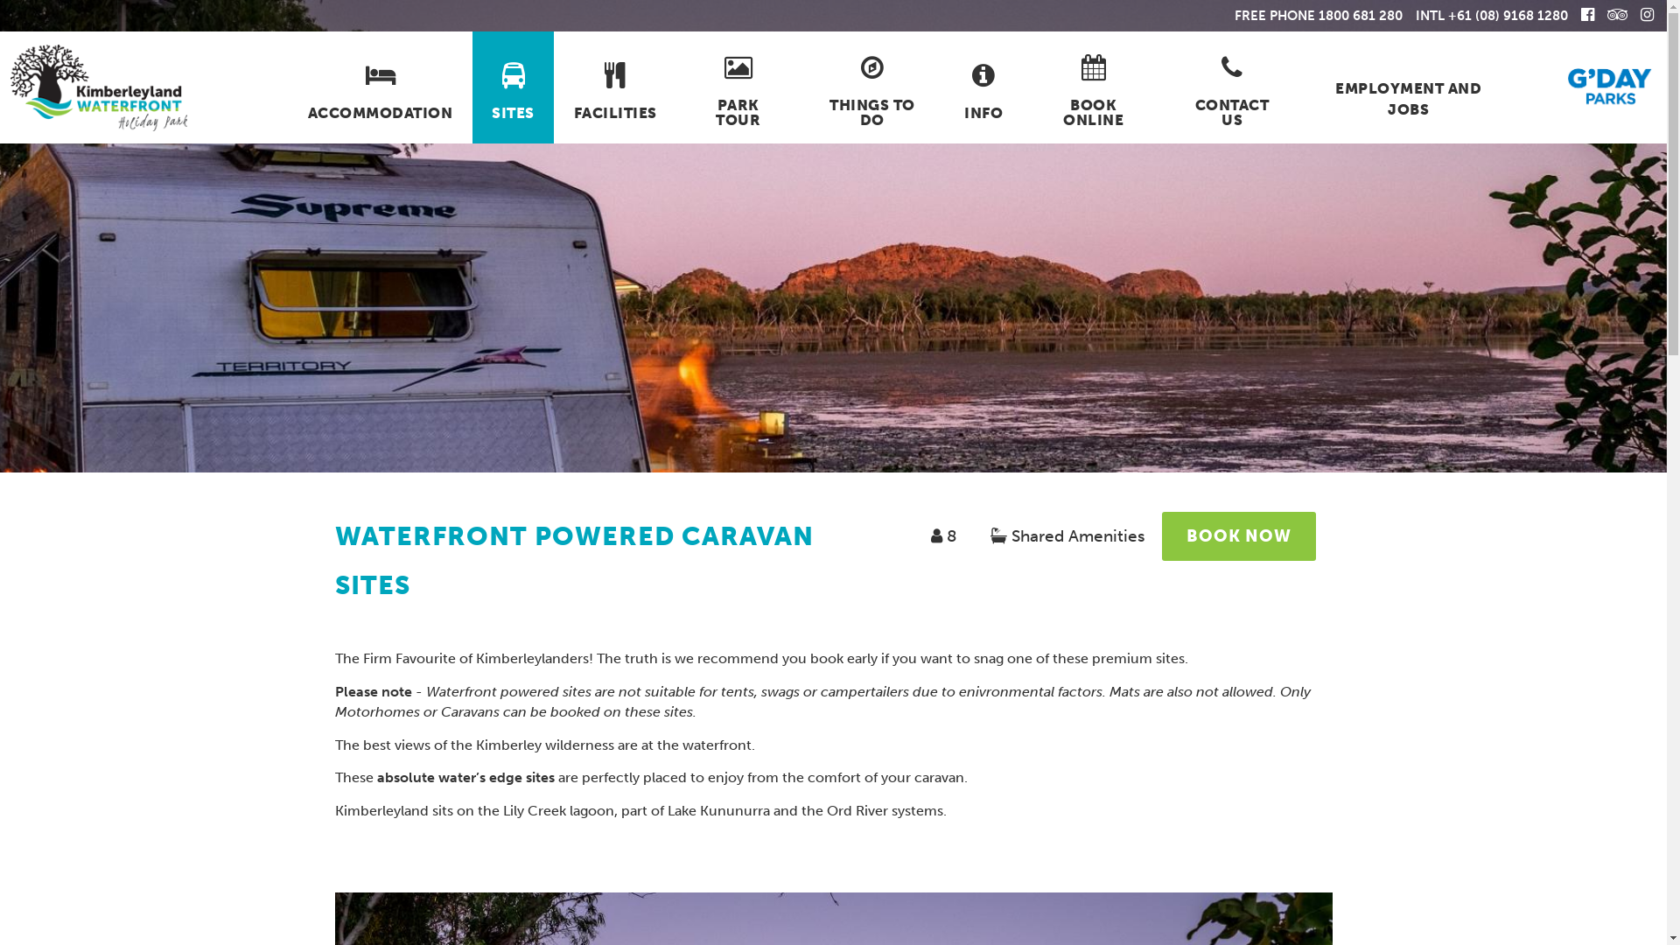  I want to click on 'PARK TOUR', so click(738, 87).